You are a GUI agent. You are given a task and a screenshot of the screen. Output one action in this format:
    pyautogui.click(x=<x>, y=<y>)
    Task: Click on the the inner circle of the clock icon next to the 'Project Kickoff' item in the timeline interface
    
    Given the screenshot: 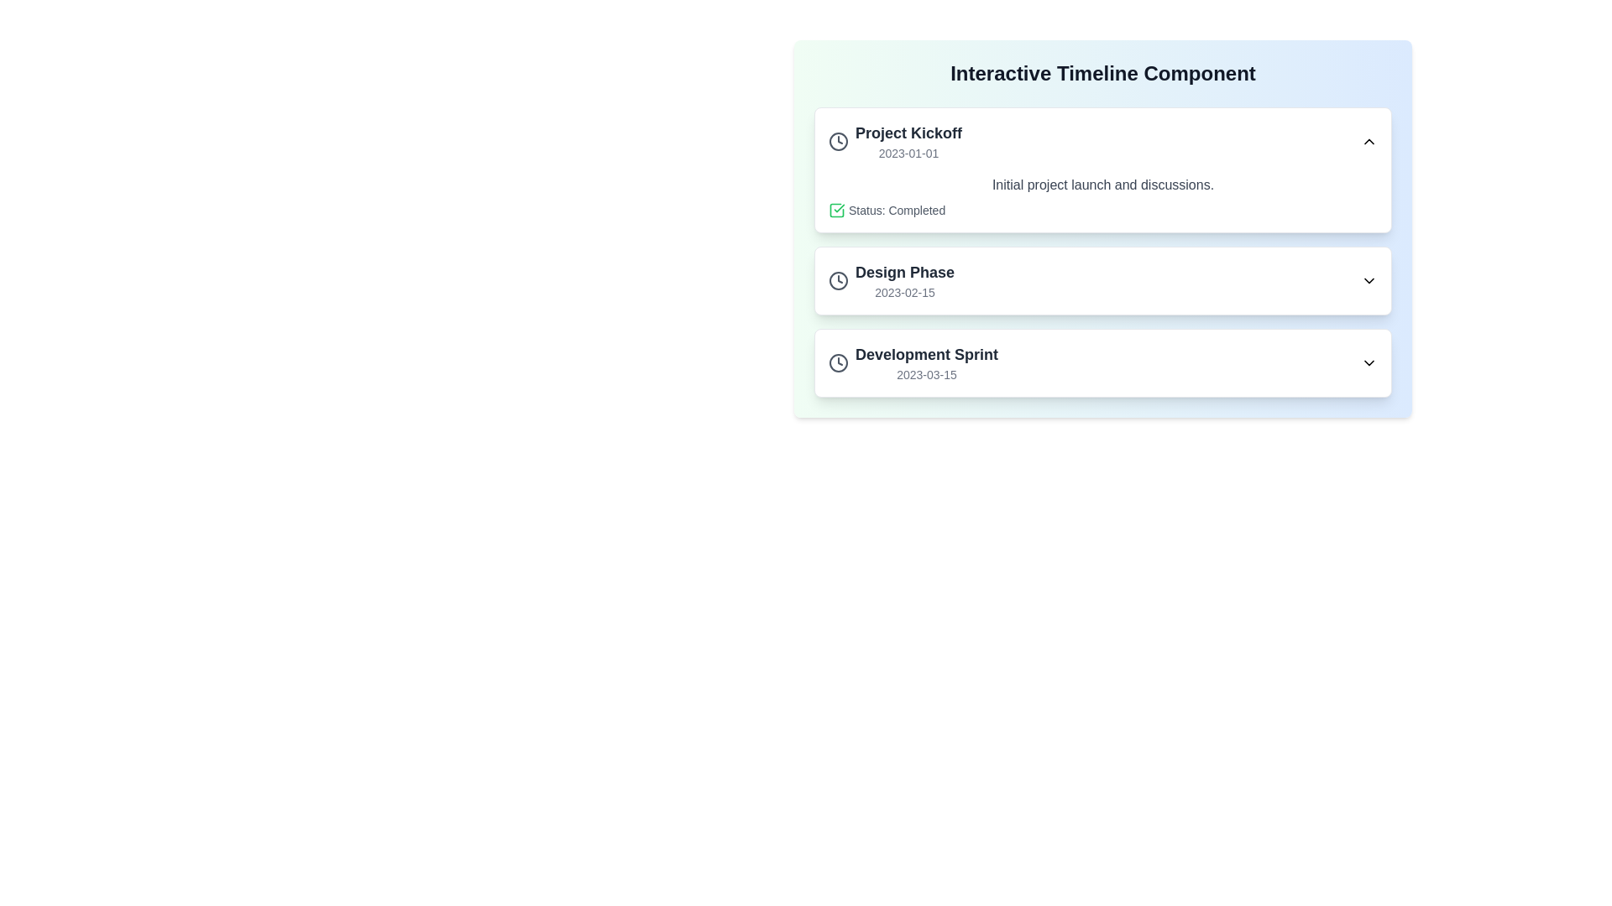 What is the action you would take?
    pyautogui.click(x=838, y=141)
    